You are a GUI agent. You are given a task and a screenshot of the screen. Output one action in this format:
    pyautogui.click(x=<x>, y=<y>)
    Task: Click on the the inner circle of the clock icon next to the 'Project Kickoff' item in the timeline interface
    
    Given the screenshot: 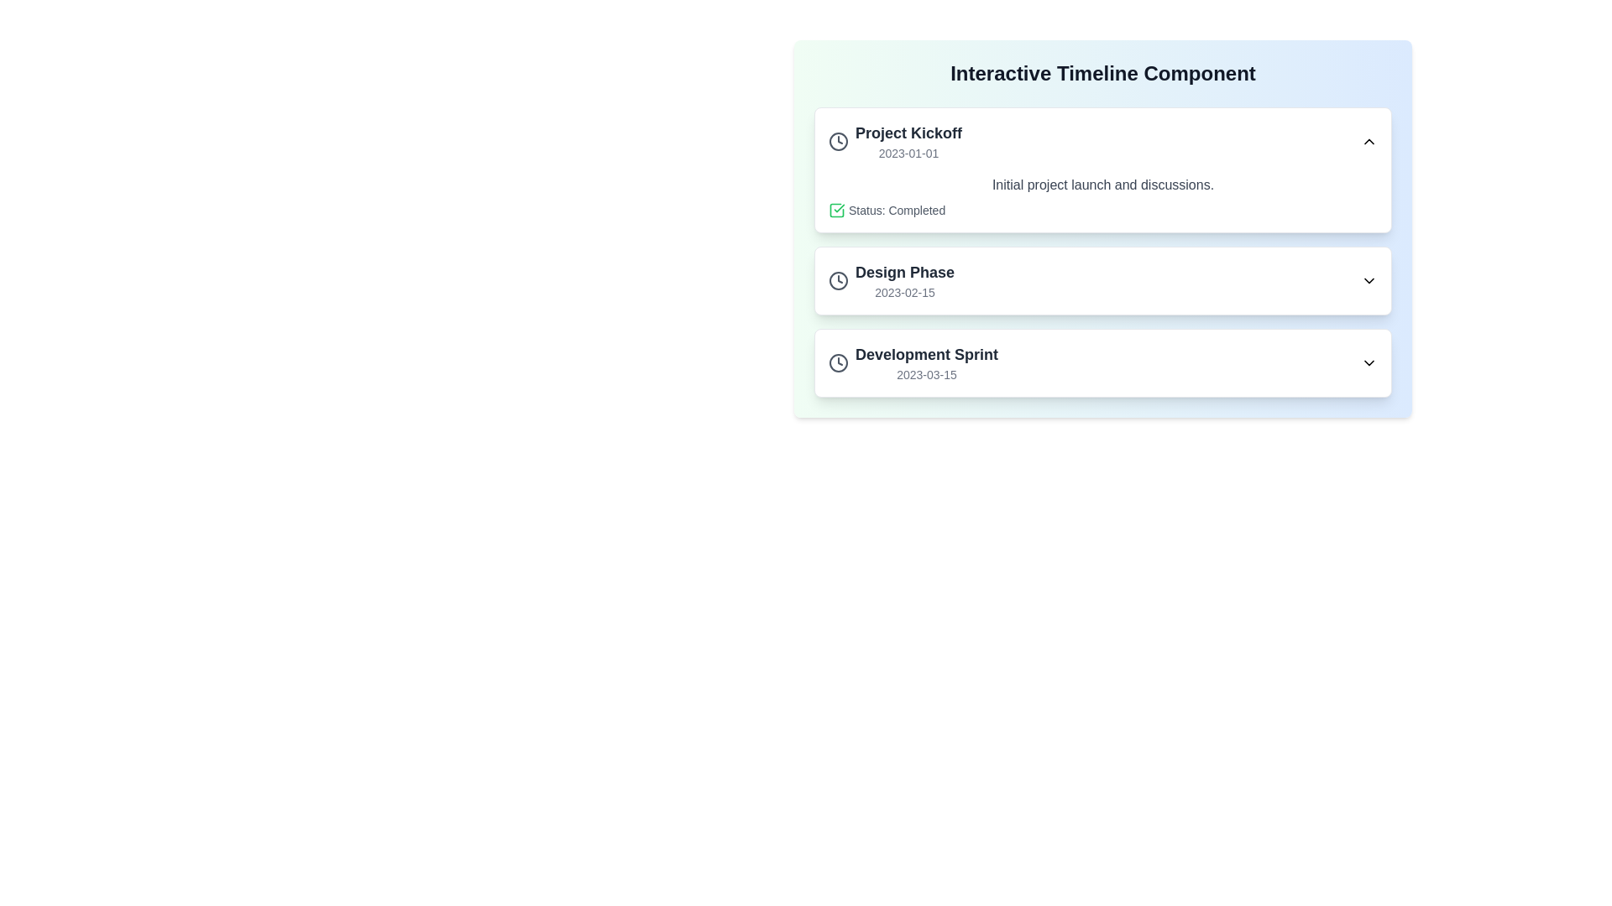 What is the action you would take?
    pyautogui.click(x=838, y=141)
    